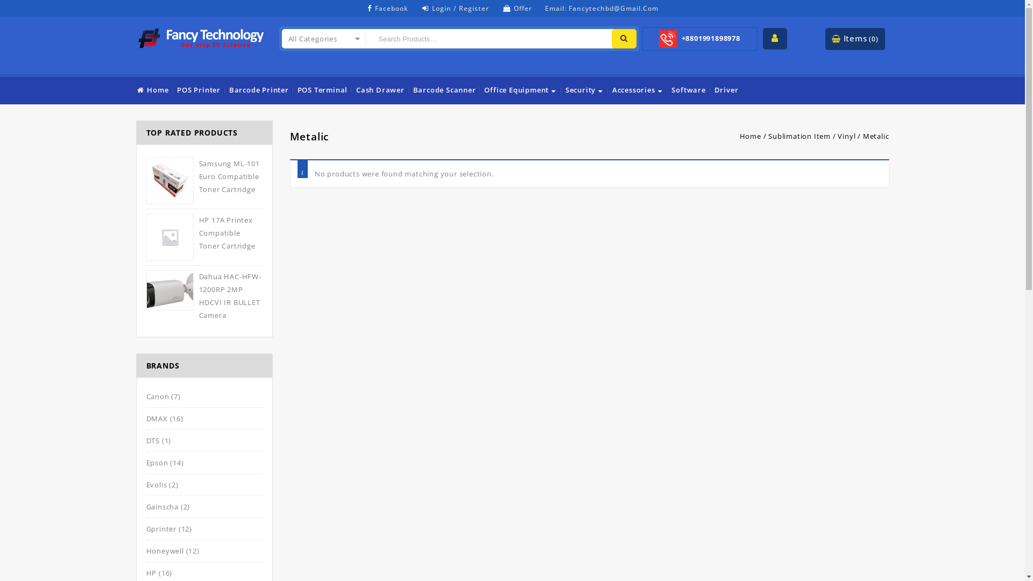 Image resolution: width=1033 pixels, height=581 pixels. I want to click on 'Epson', so click(146, 462).